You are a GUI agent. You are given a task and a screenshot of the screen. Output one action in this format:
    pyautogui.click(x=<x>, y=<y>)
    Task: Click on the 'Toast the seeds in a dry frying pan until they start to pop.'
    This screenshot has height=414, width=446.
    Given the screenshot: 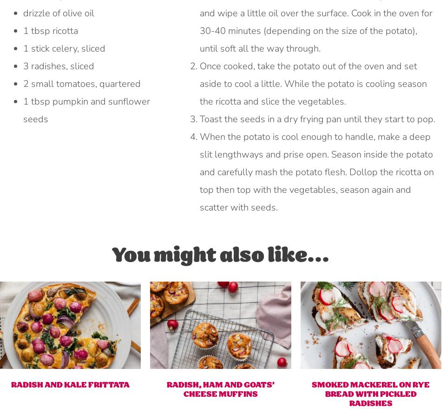 What is the action you would take?
    pyautogui.click(x=317, y=118)
    